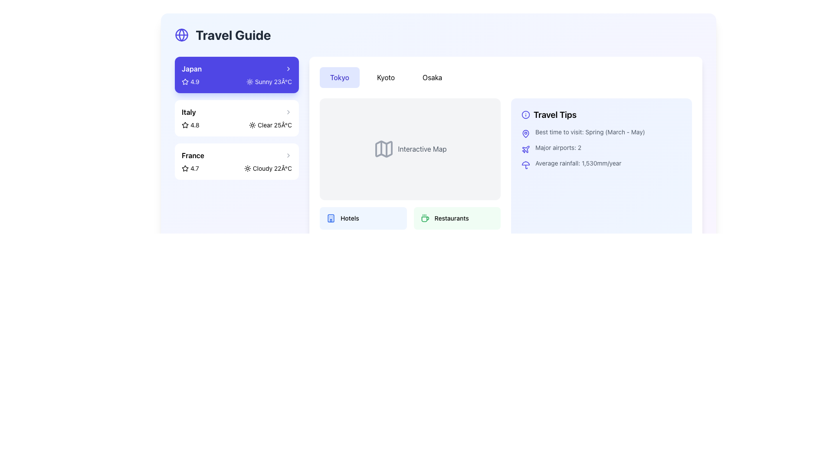 Image resolution: width=833 pixels, height=468 pixels. I want to click on the small chevron-right icon on the blue background within the 'Japan' button in the 'Travel Guide' section, so click(289, 68).